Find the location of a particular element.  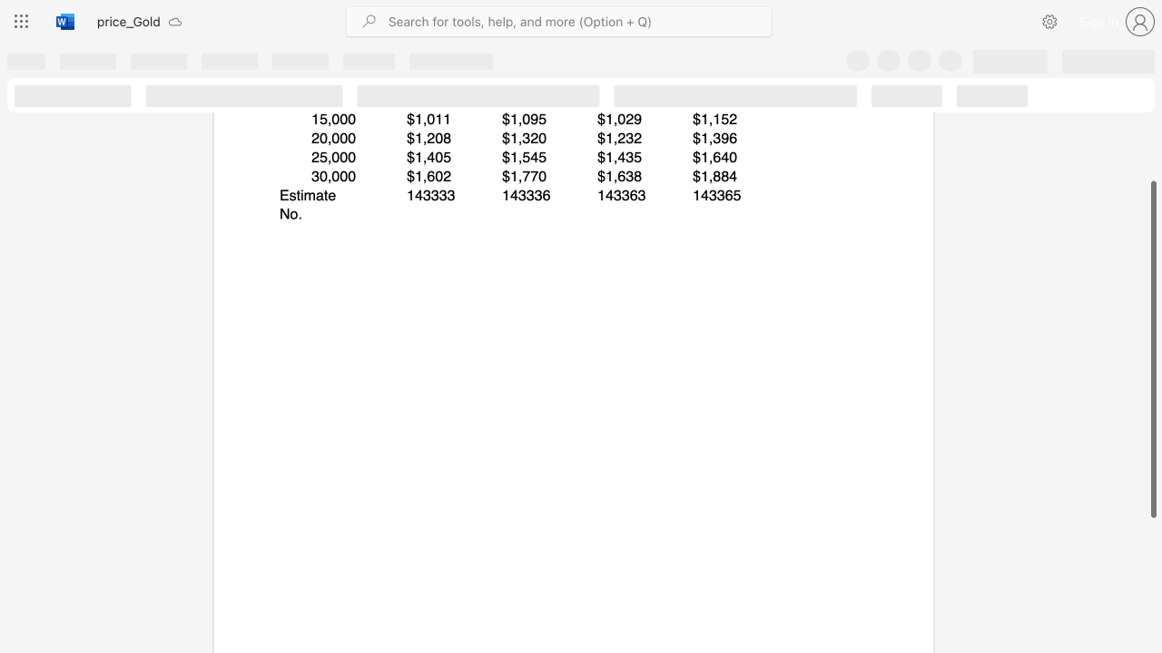

the scrollbar and move up 250 pixels is located at coordinates (1152, 349).